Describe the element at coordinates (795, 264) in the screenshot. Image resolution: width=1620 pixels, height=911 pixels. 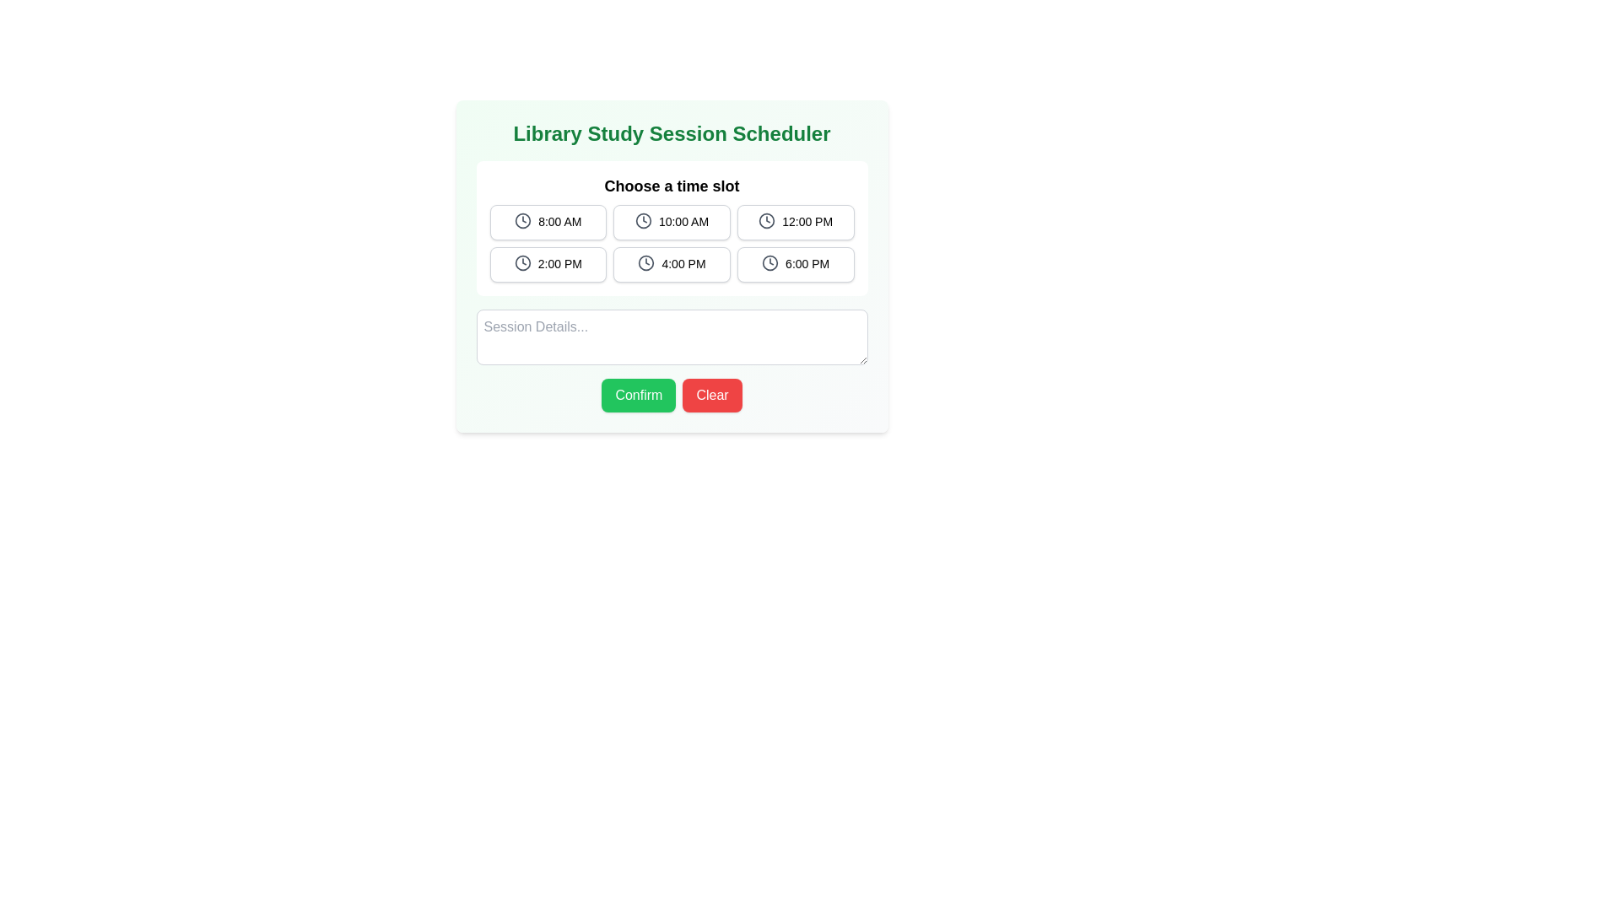
I see `the rectangular button with rounded corners labeled '6:00 PM'` at that location.